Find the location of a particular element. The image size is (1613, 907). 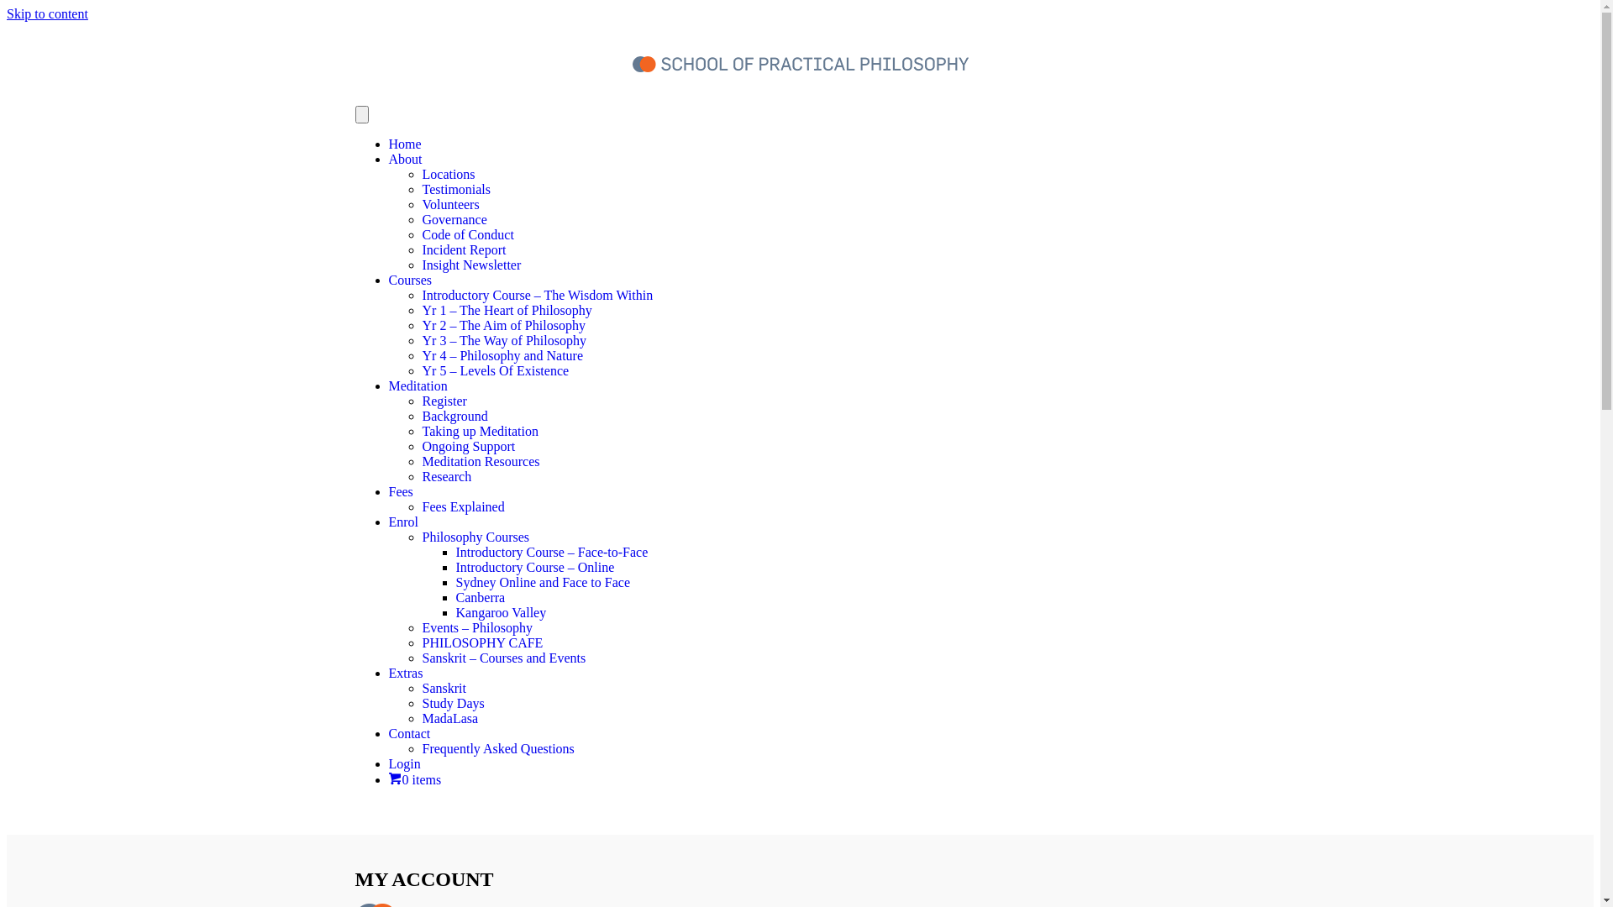

'Sanskrit' is located at coordinates (422, 688).